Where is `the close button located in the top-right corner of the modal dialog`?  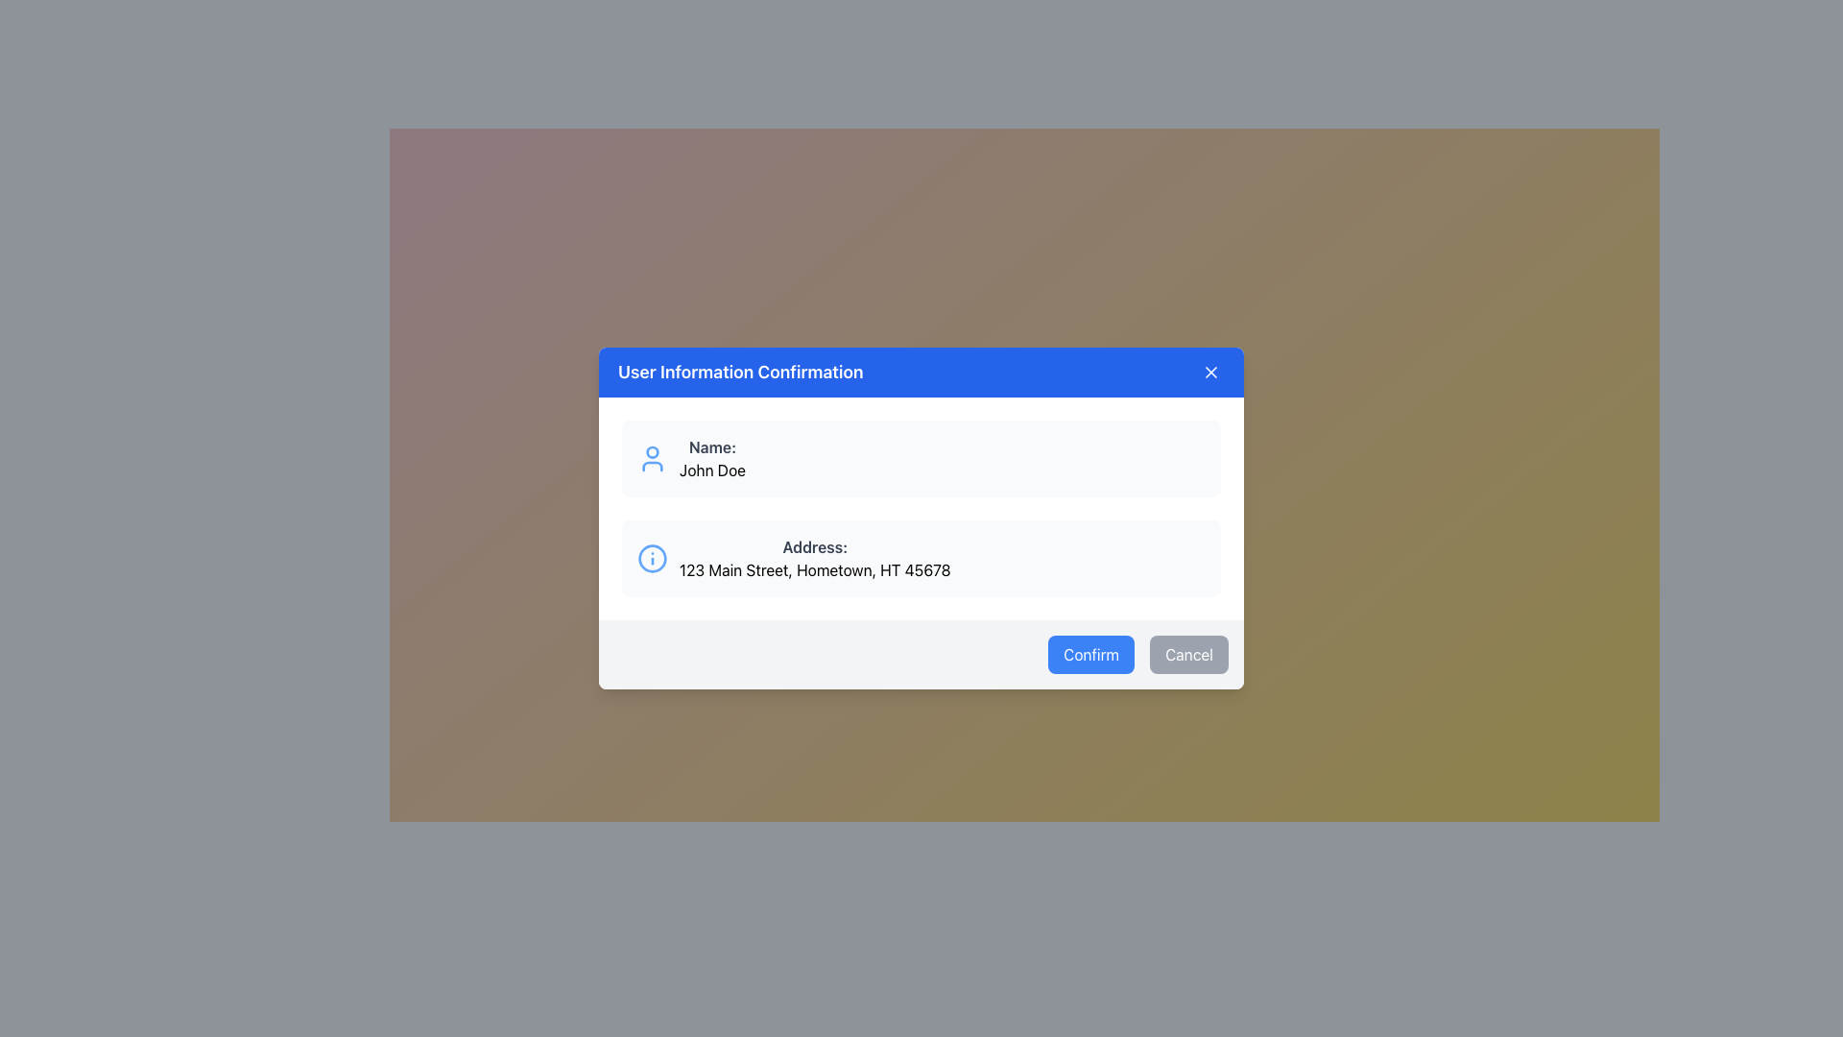 the close button located in the top-right corner of the modal dialog is located at coordinates (1210, 373).